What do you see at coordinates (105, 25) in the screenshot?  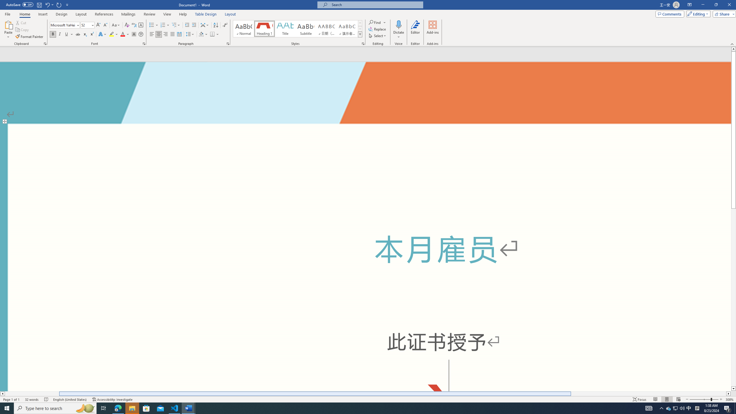 I see `'Shrink Font'` at bounding box center [105, 25].